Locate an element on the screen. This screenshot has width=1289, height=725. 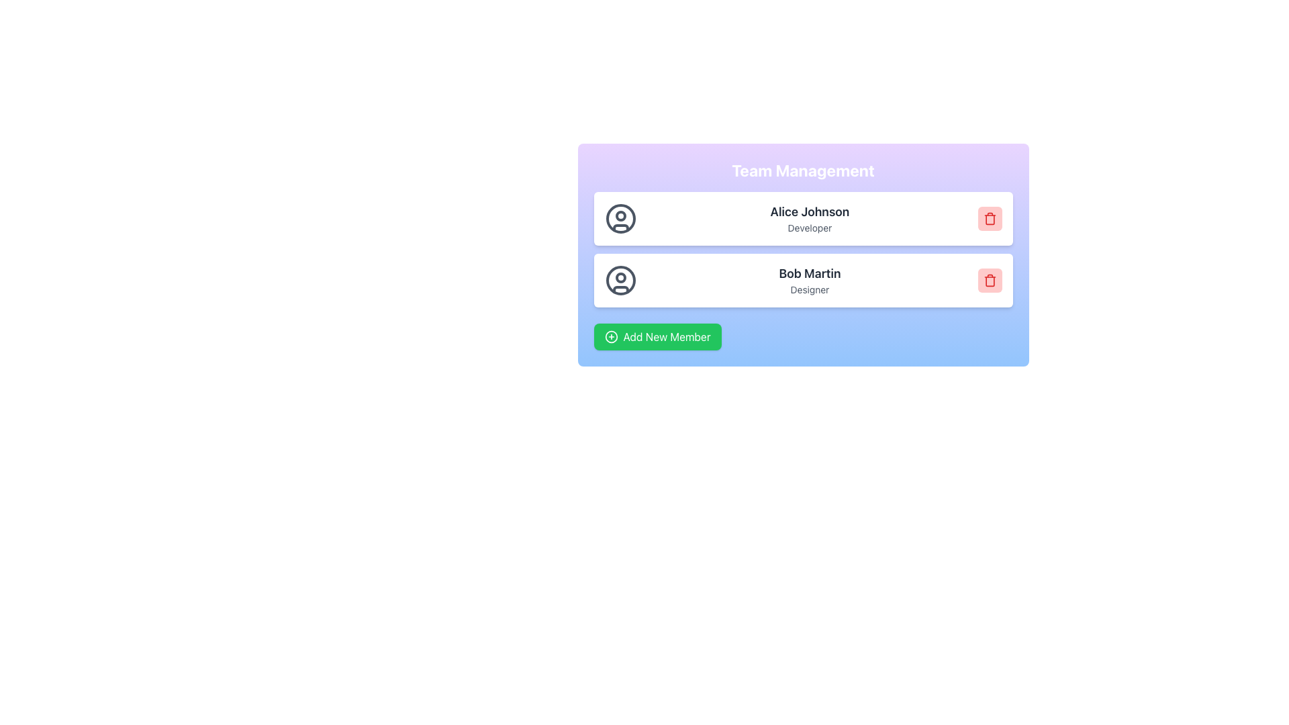
the delete button for 'Bob Martin, Designer' is located at coordinates (990, 279).